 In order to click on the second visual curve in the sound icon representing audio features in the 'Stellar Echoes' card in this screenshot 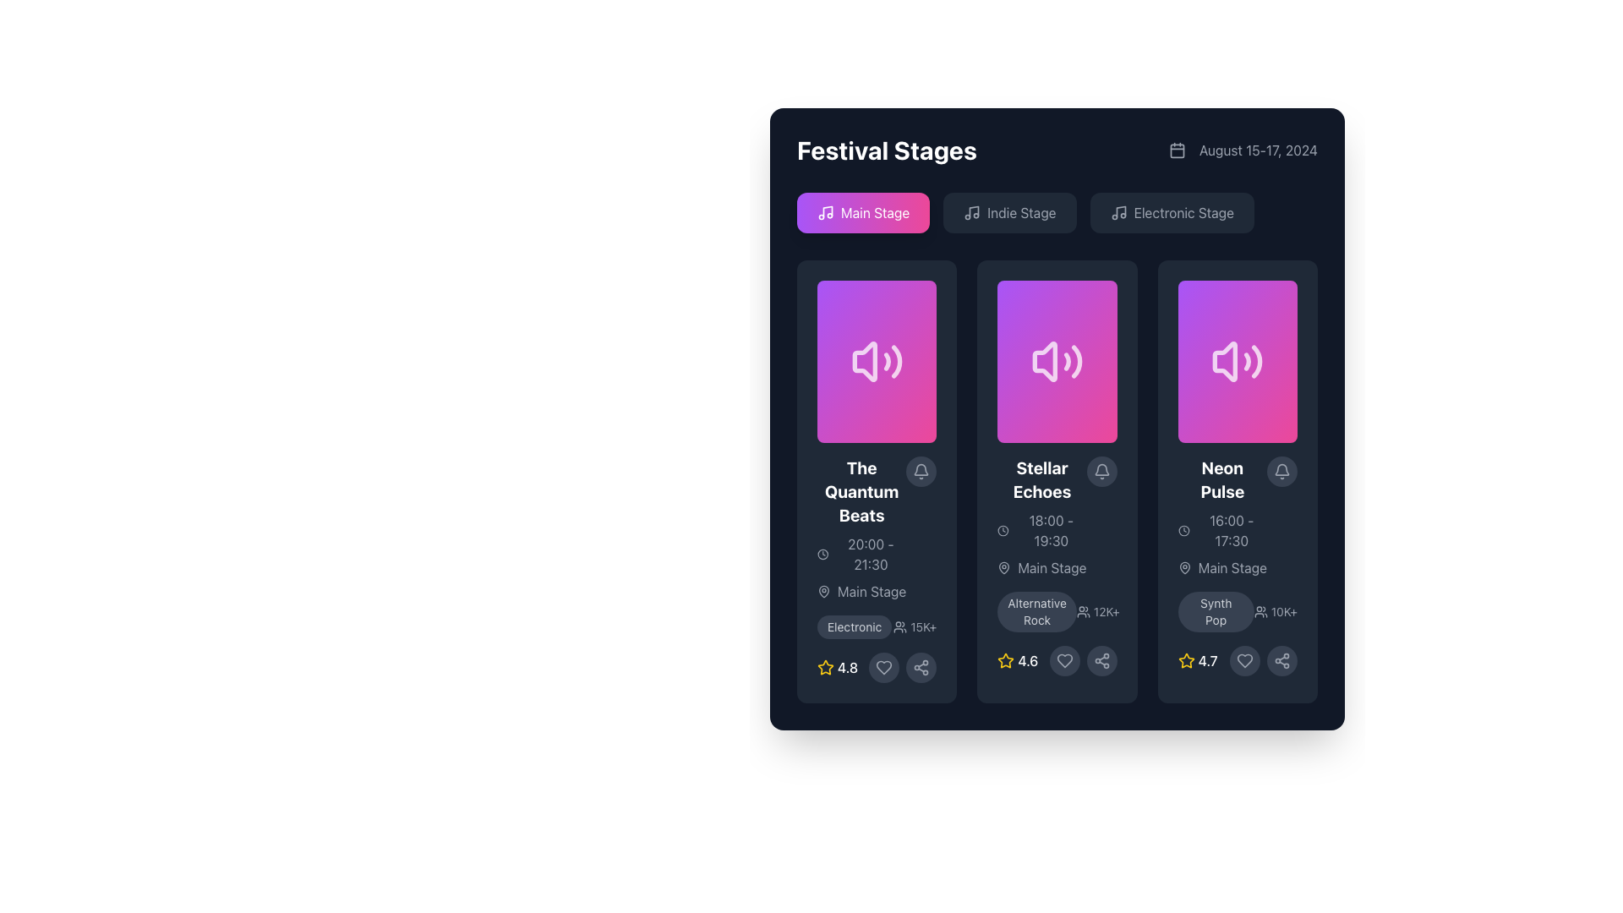, I will do `click(1066, 361)`.